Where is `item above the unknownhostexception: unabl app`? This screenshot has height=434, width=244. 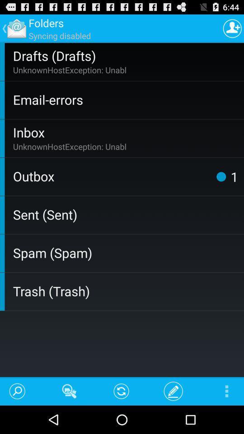
item above the unknownhostexception: unabl app is located at coordinates (126, 132).